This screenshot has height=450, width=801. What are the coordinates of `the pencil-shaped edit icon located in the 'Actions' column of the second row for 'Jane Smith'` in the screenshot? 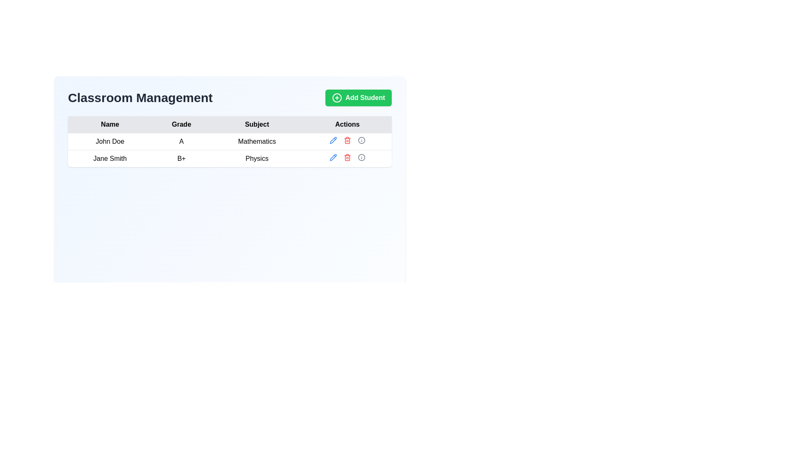 It's located at (332, 140).